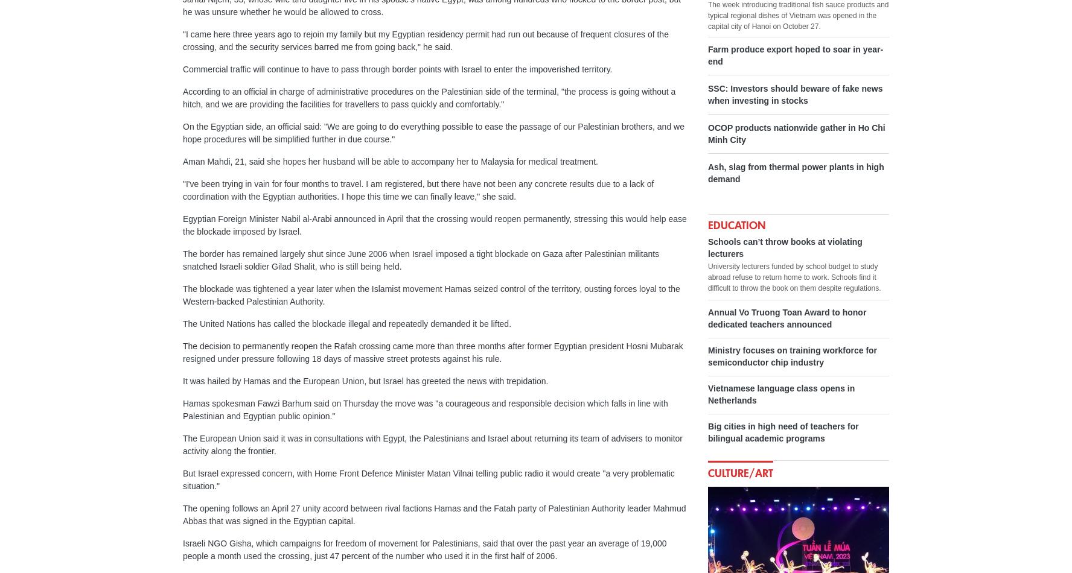  I want to click on 'Hamas spokesman Fawzi Barhum said on Thursday the move was "a courageous and responsible decision which falls in line with Palestinian and Egyptian public opinion."', so click(182, 410).